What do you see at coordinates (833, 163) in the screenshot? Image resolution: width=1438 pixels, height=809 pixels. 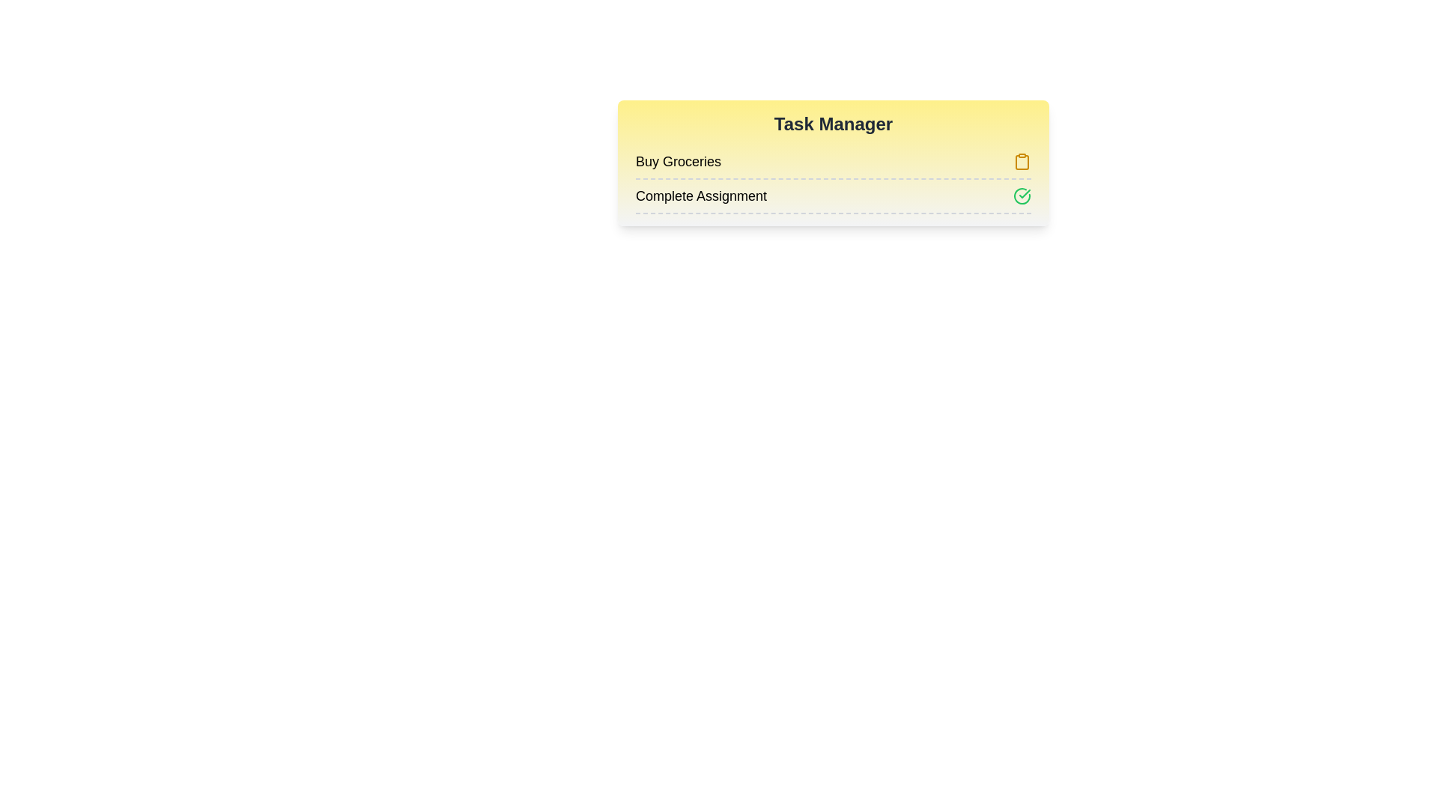 I see `the task manager panel to read the tasks displayed within it, which are centrally positioned and uniquely structured among sibling elements` at bounding box center [833, 163].